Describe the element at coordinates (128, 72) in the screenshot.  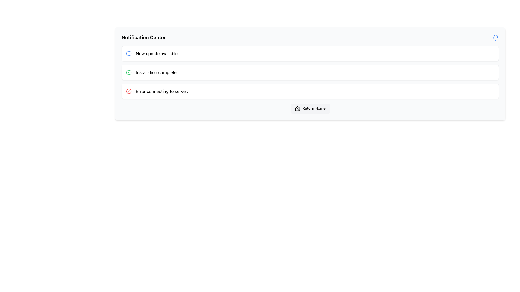
I see `the icon that indicates successful completion of the installation process, which is located to the far left of the notification entry stating 'Installation complete.'` at that location.